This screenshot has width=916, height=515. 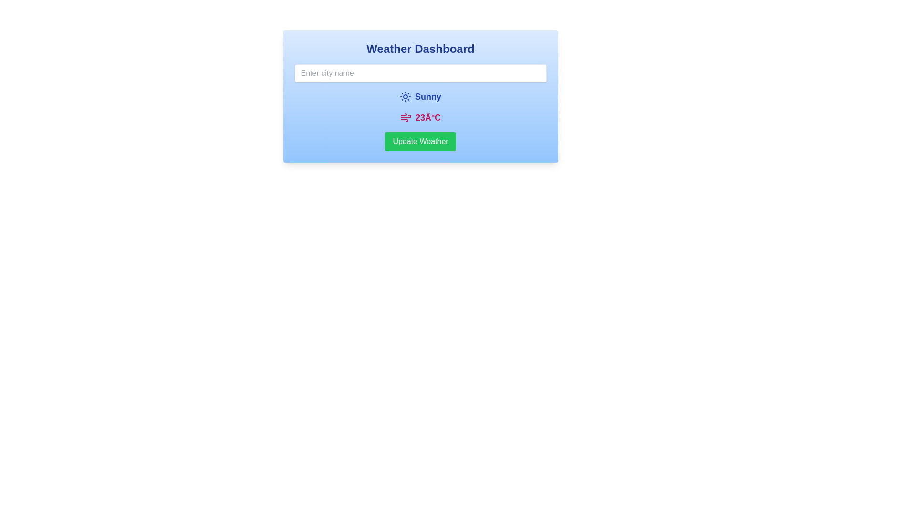 What do you see at coordinates (420, 97) in the screenshot?
I see `the weather condition display element which shows 'Sunny', located below the city input field and above the temperature display` at bounding box center [420, 97].